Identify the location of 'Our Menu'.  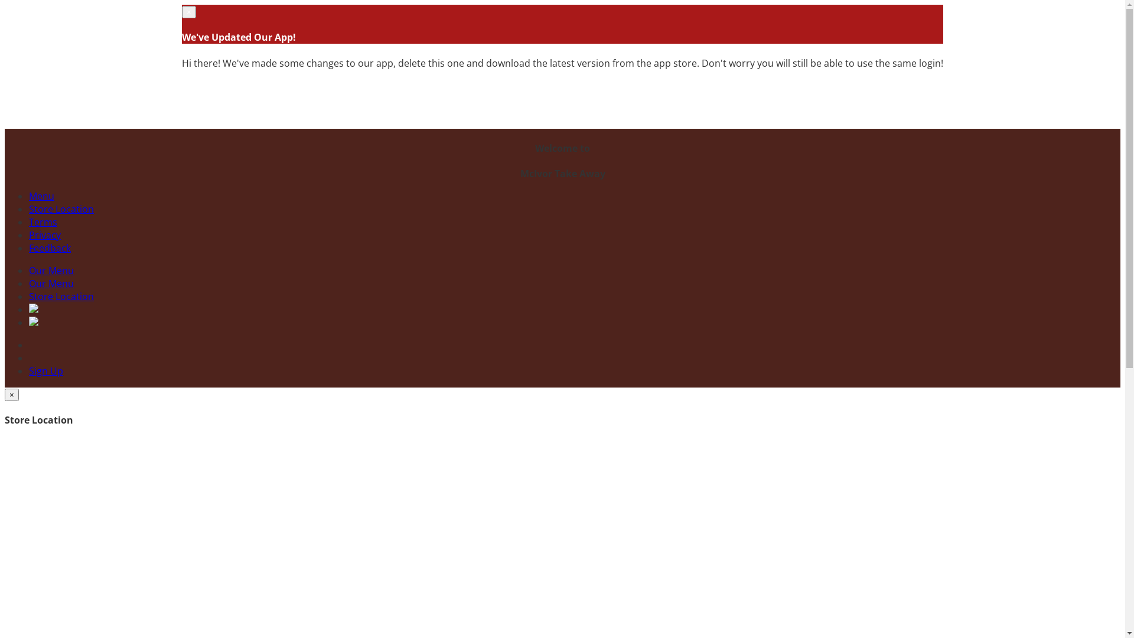
(50, 271).